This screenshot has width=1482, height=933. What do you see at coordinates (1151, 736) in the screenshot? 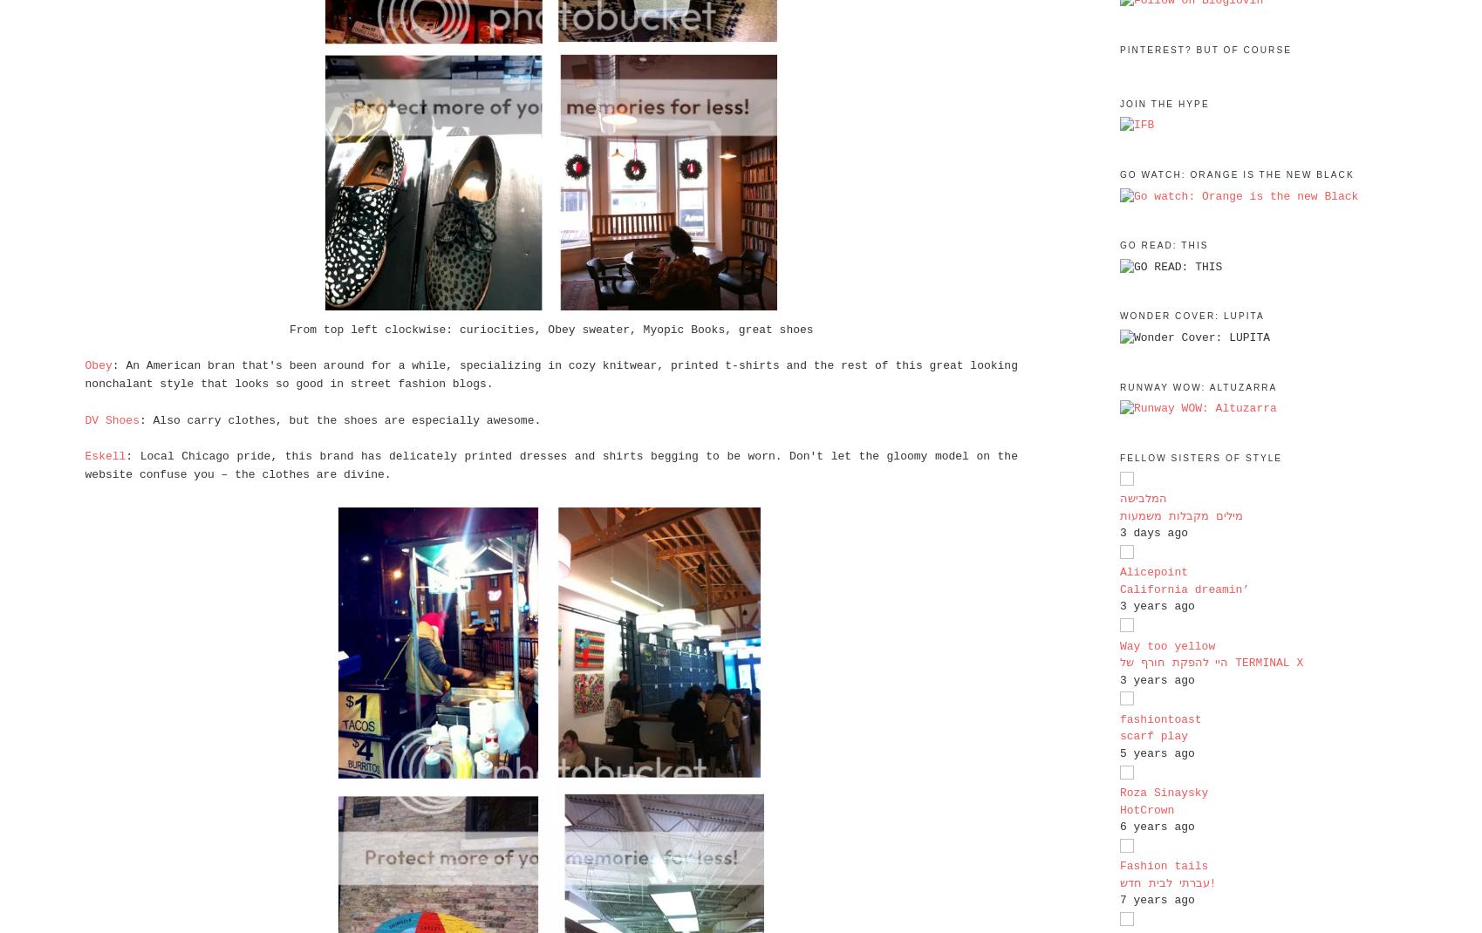
I see `'scarf play'` at bounding box center [1151, 736].